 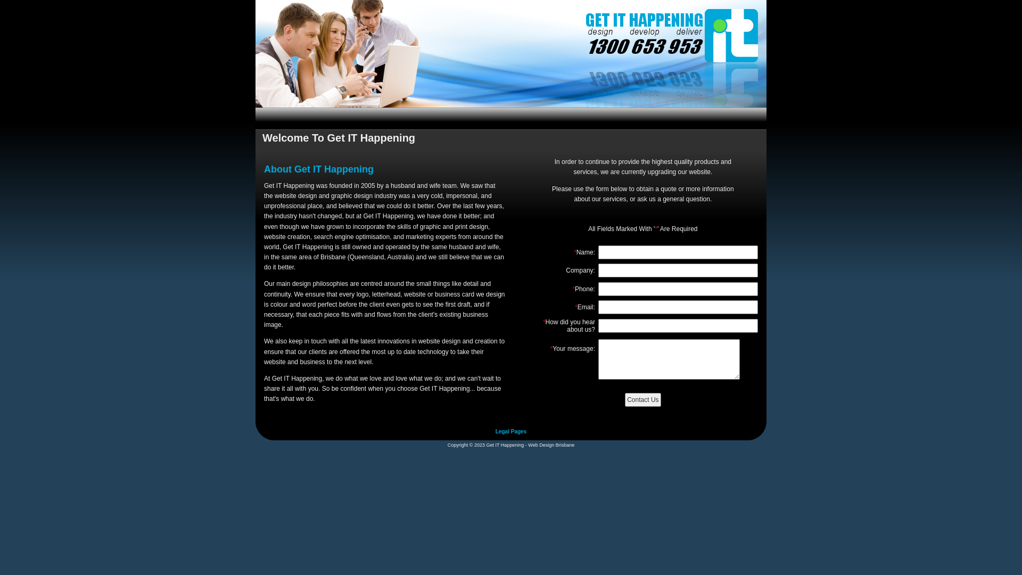 I want to click on 'Legal Pages', so click(x=511, y=431).